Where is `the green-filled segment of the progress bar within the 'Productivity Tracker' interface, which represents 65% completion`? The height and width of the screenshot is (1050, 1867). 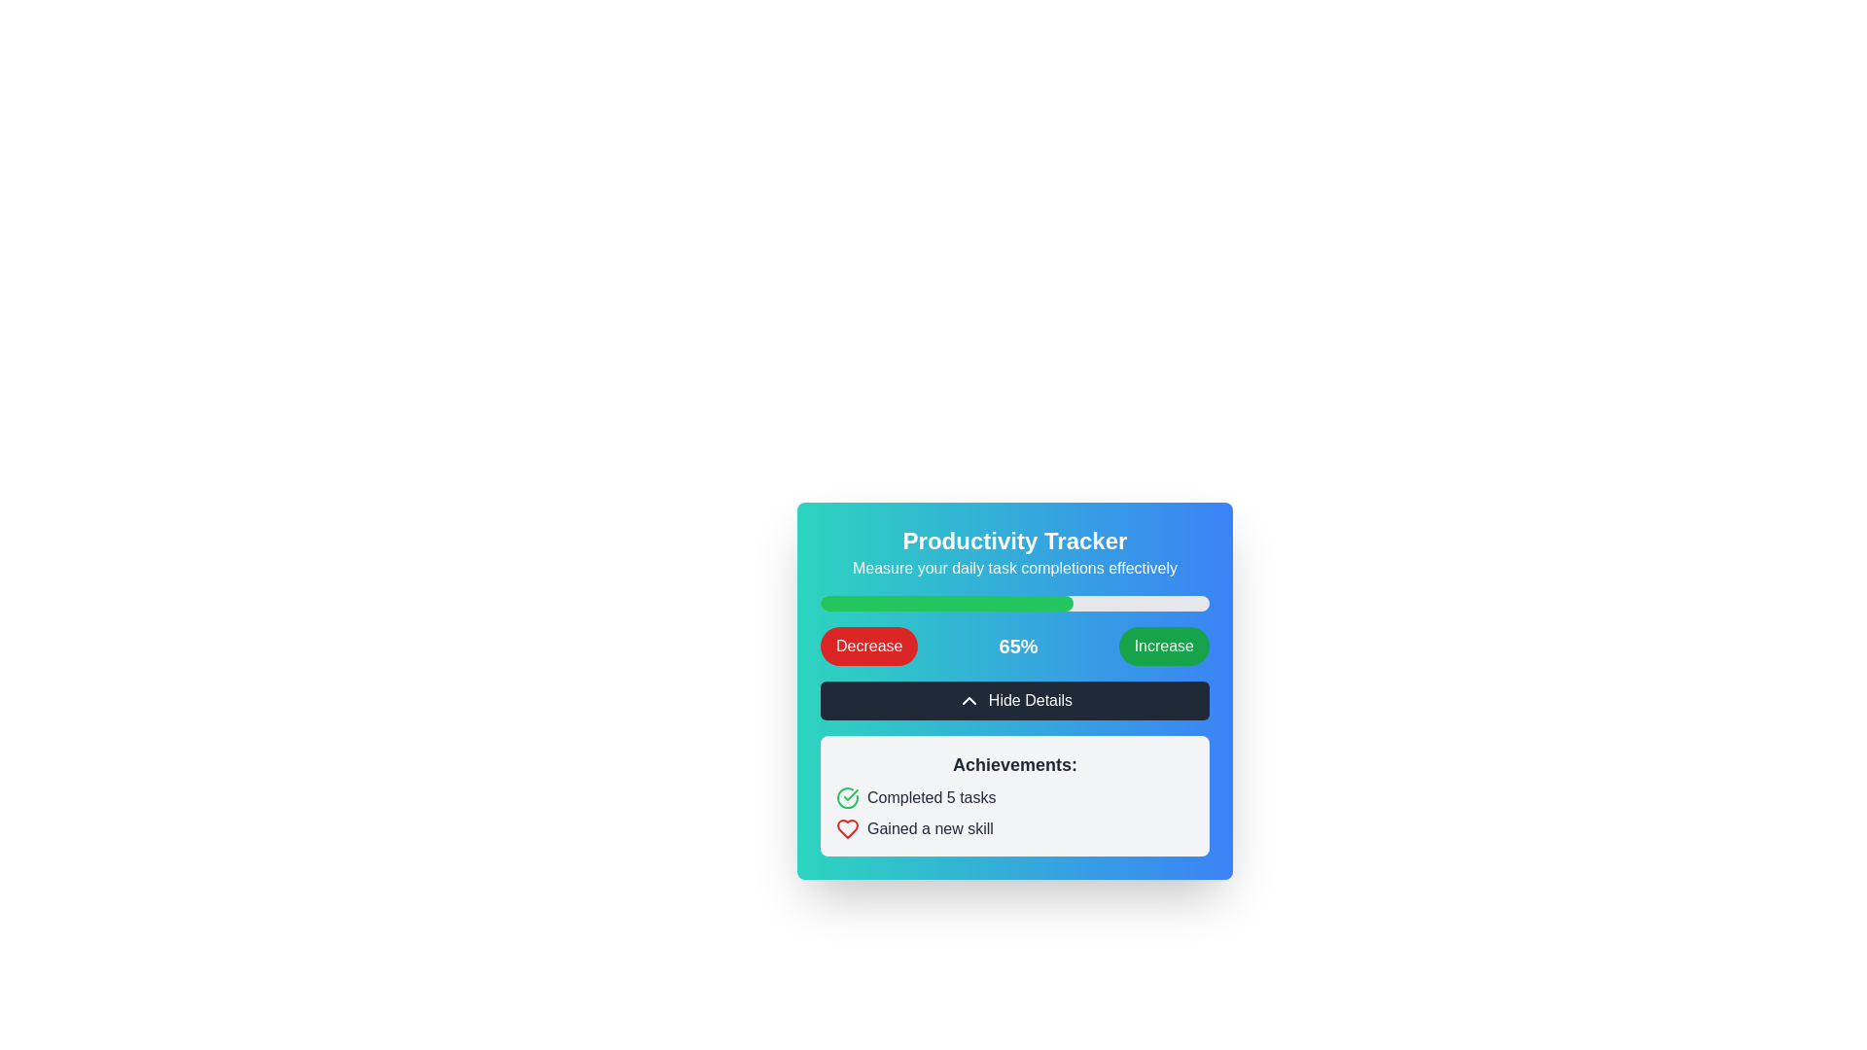 the green-filled segment of the progress bar within the 'Productivity Tracker' interface, which represents 65% completion is located at coordinates (947, 603).